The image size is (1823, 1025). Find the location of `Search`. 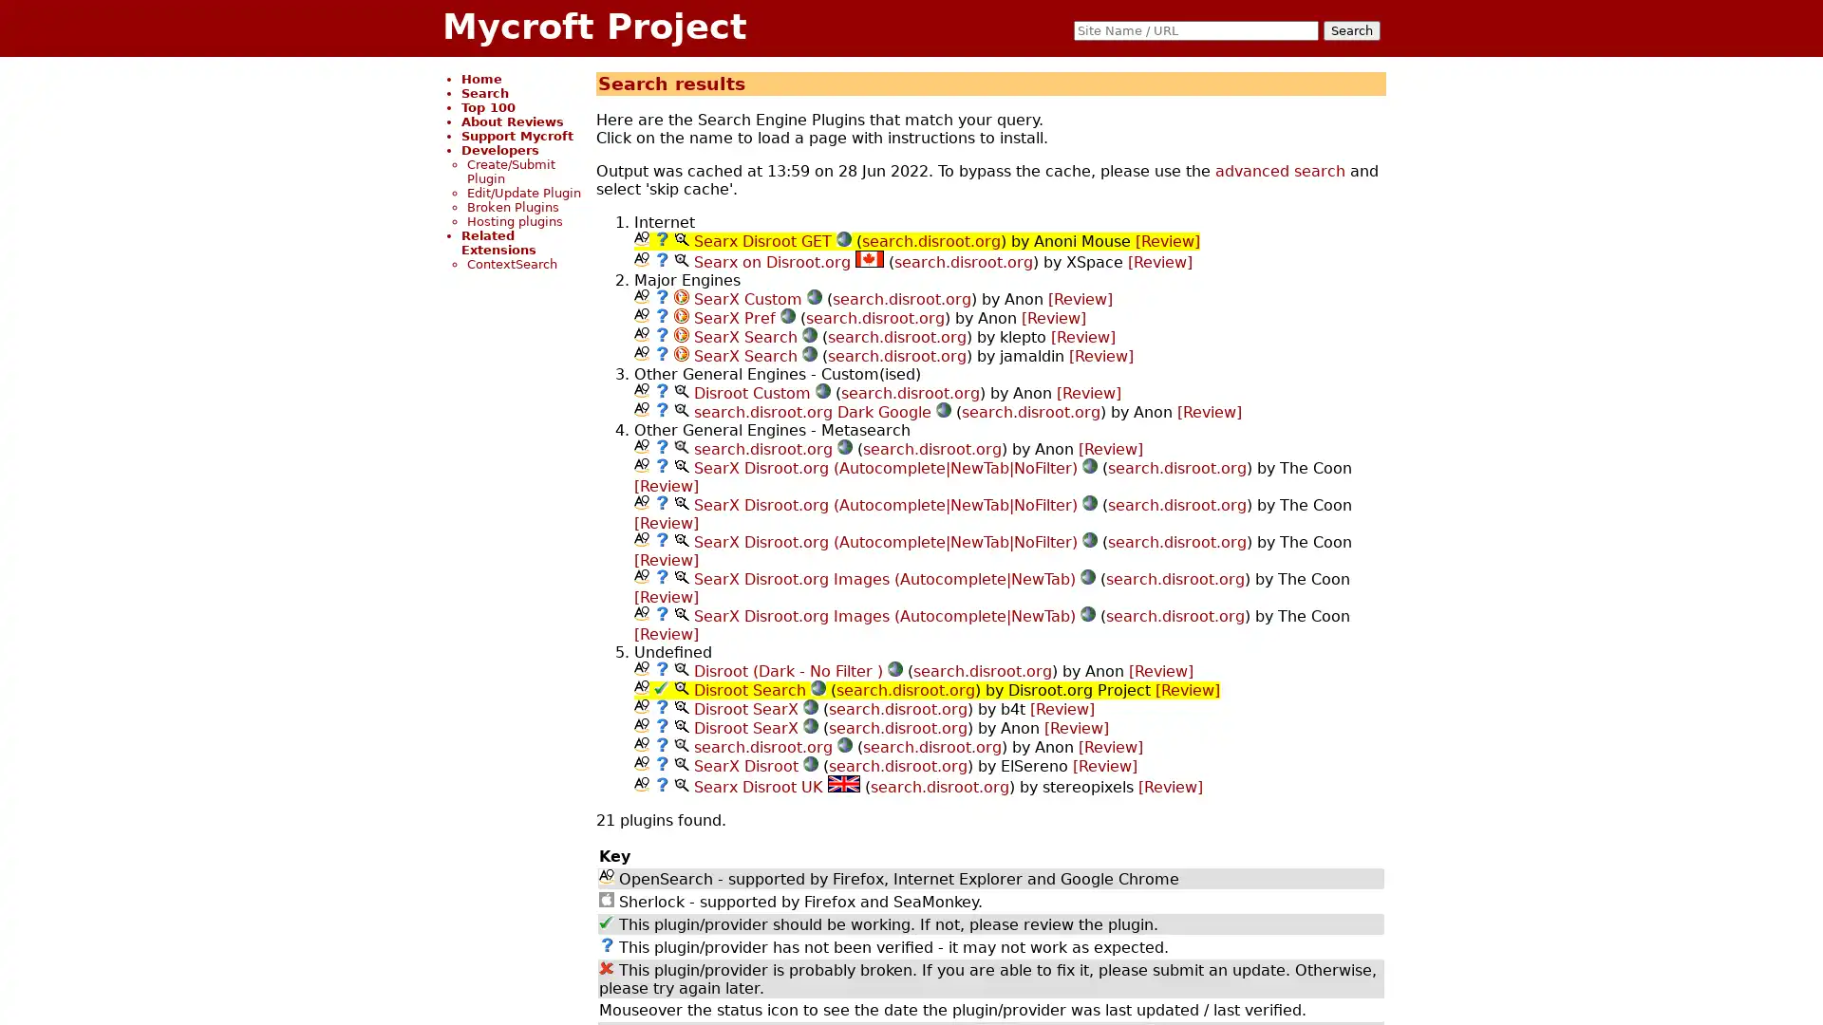

Search is located at coordinates (1351, 30).